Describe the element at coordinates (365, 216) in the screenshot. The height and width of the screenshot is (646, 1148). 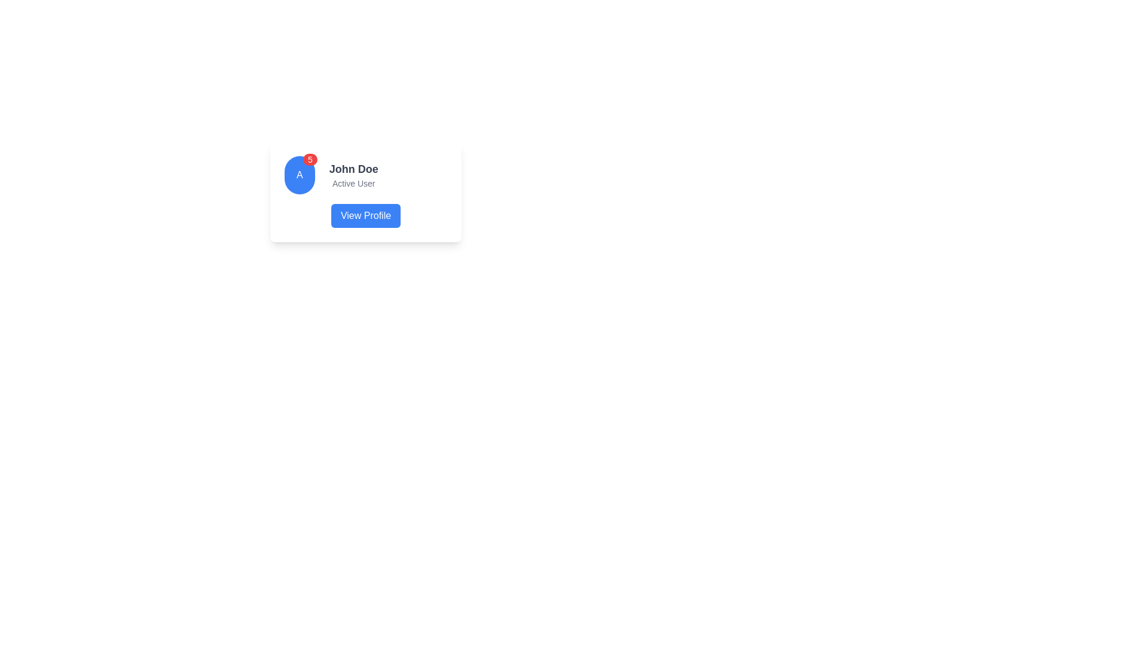
I see `the 'View Profile' button with blue background and white text, located below the 'John Doe' label and 'Active User' status, to change its background color` at that location.